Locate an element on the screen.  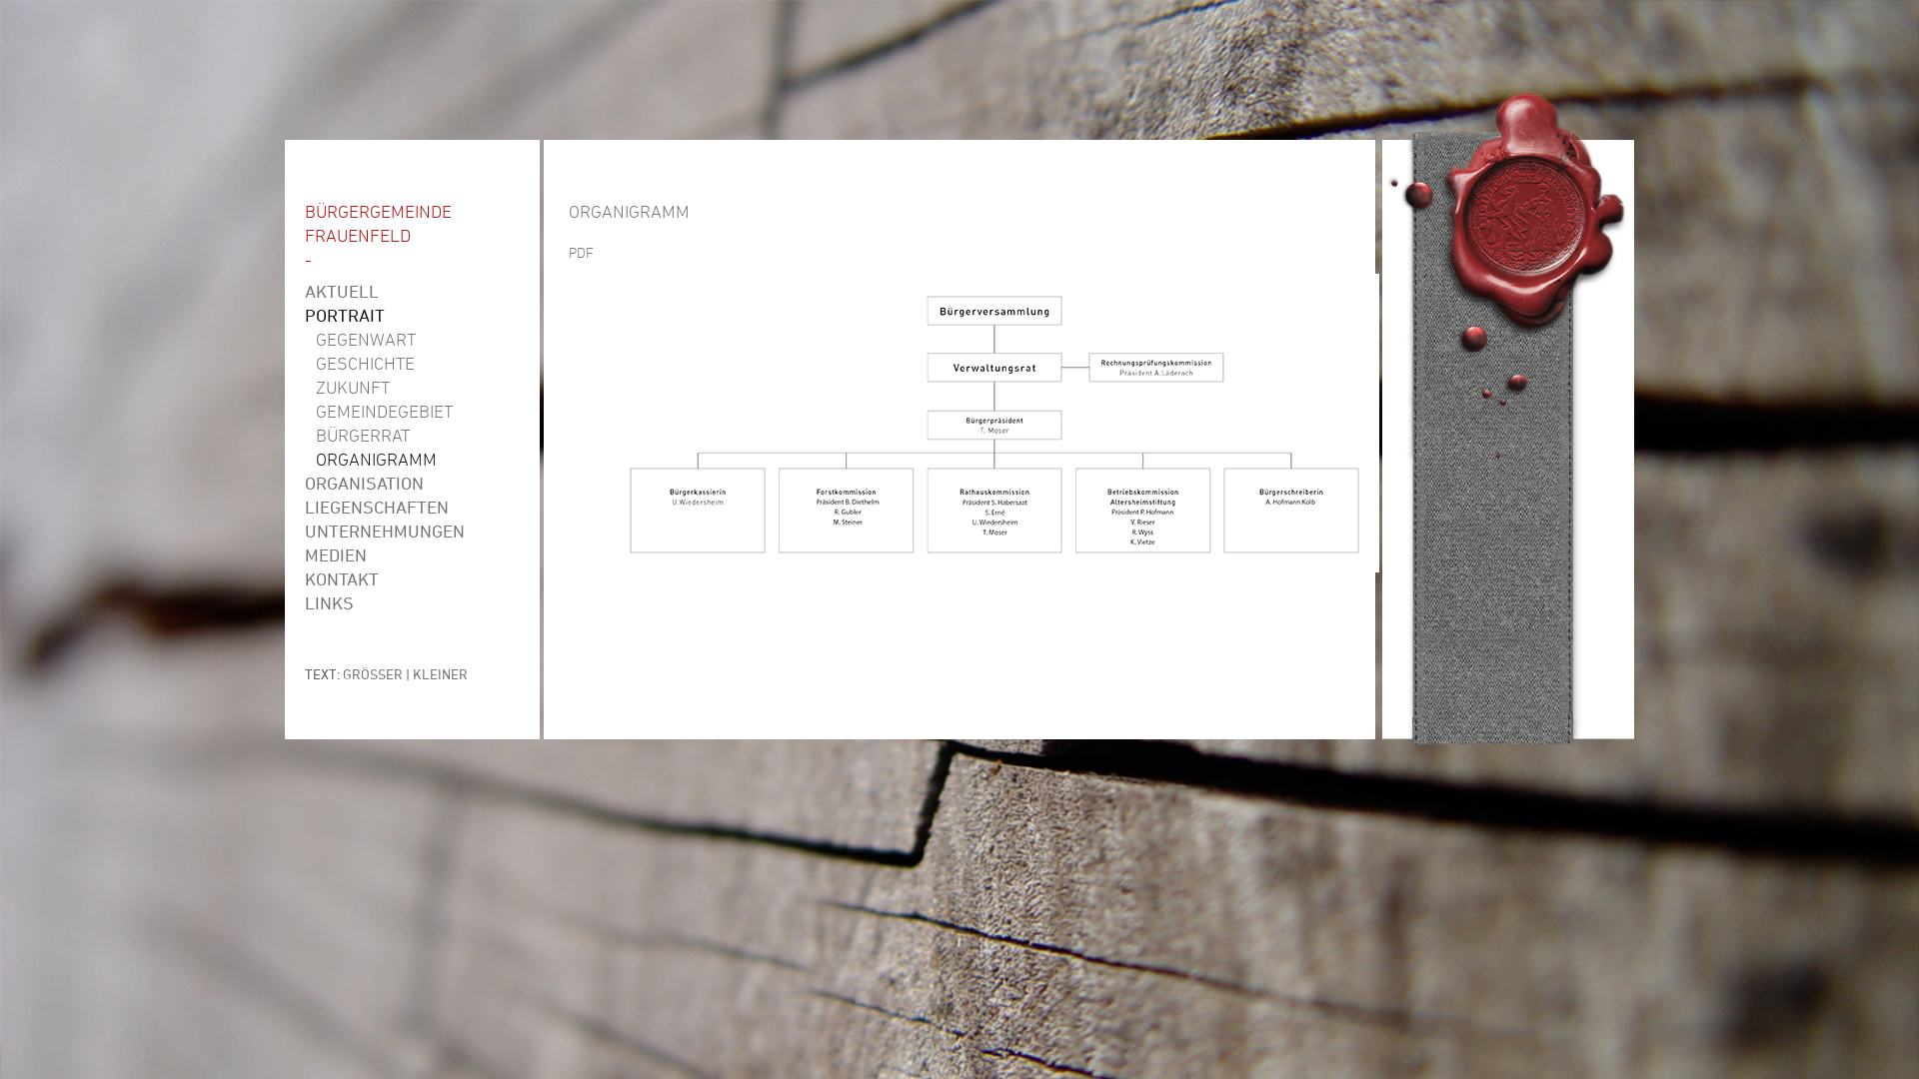
'GEGENWART' is located at coordinates (411, 338).